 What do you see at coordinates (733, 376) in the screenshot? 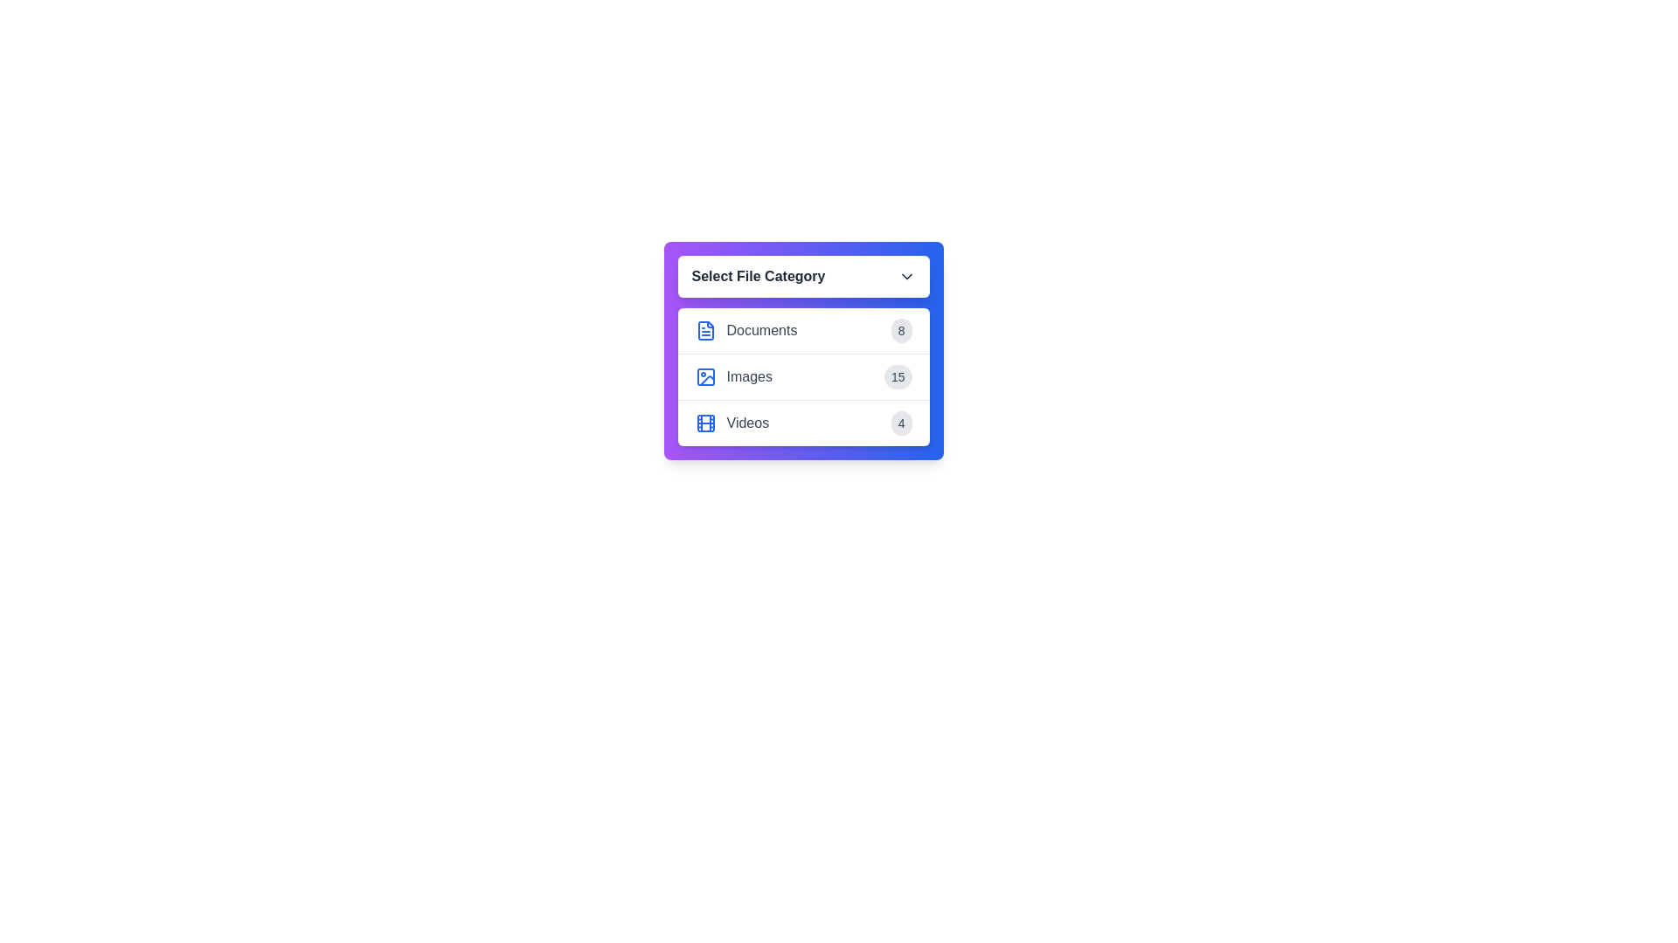
I see `the 'Images' category list item in the dropdown menu` at bounding box center [733, 376].